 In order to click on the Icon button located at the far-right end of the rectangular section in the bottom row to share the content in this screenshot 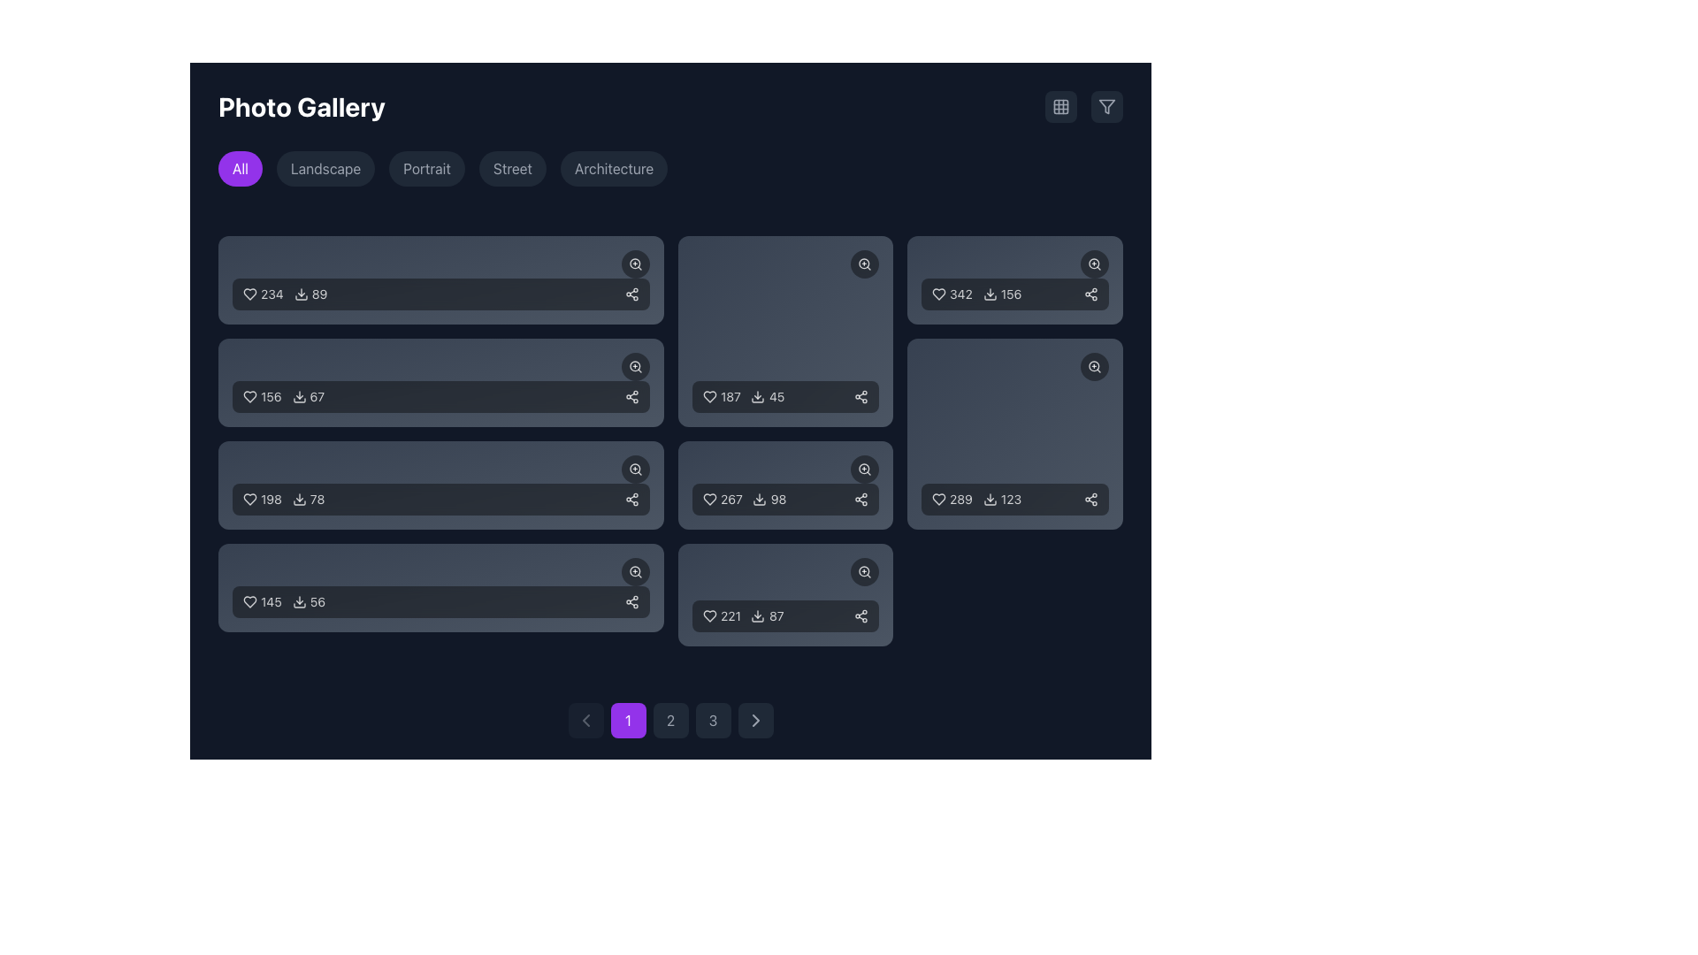, I will do `click(631, 601)`.